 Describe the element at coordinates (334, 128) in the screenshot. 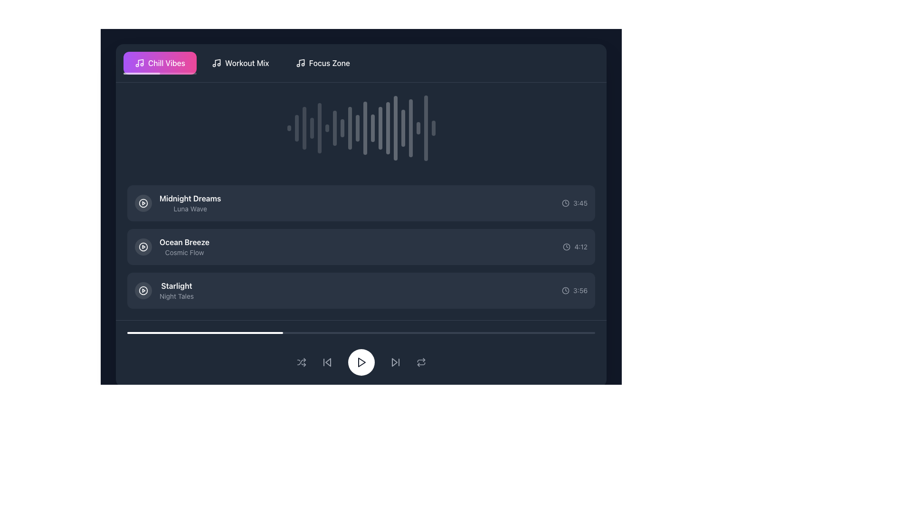

I see `the seventh vertical bar in the animated audio waveform representation, which is semi-transparent gray and has rounded ends` at that location.